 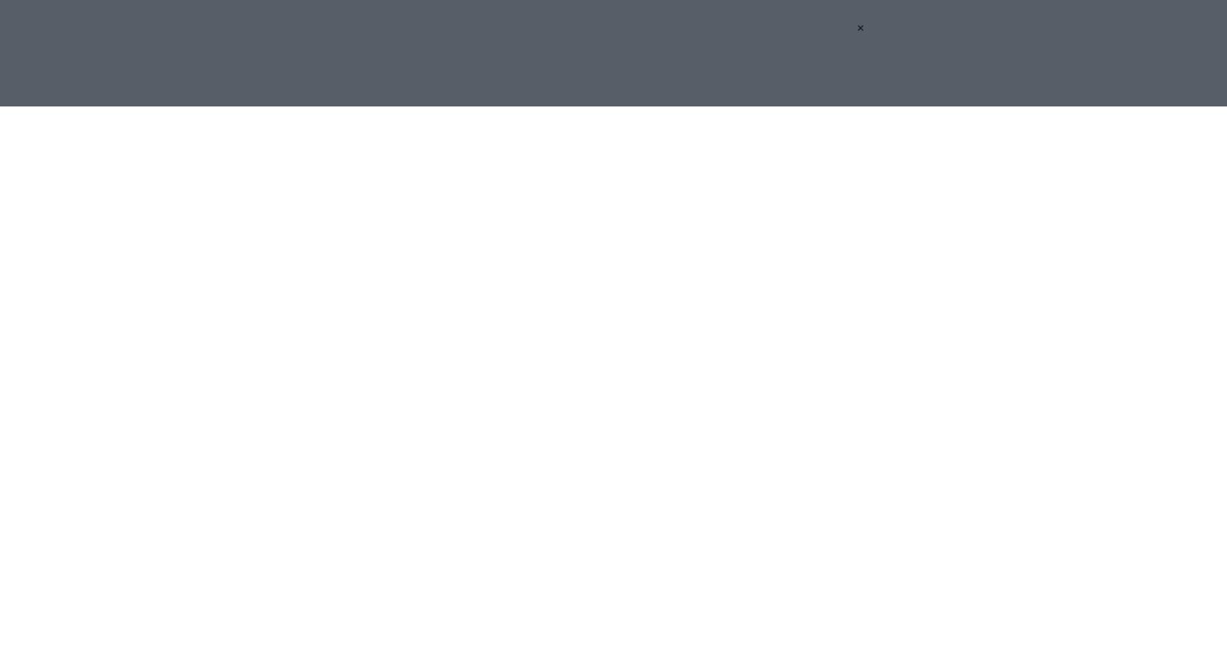 I want to click on 'Sam Thomas', so click(x=522, y=595).